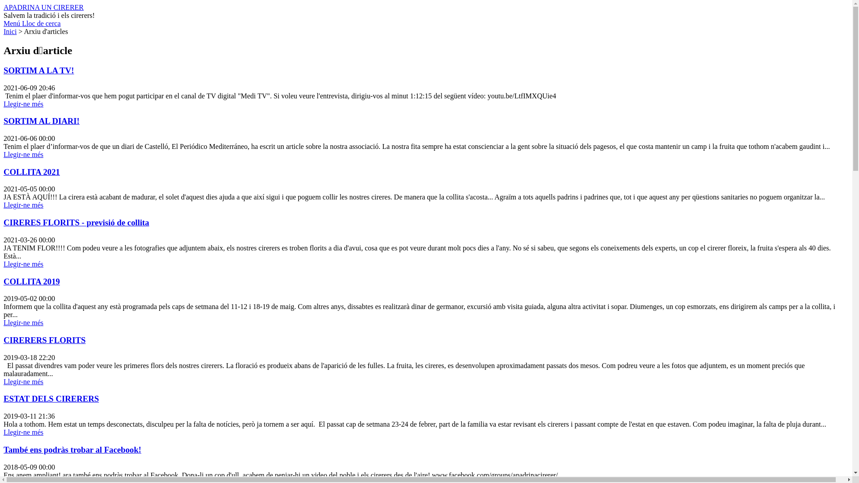 Image resolution: width=859 pixels, height=483 pixels. Describe the element at coordinates (21, 23) in the screenshot. I see `'Lloc de cerca'` at that location.